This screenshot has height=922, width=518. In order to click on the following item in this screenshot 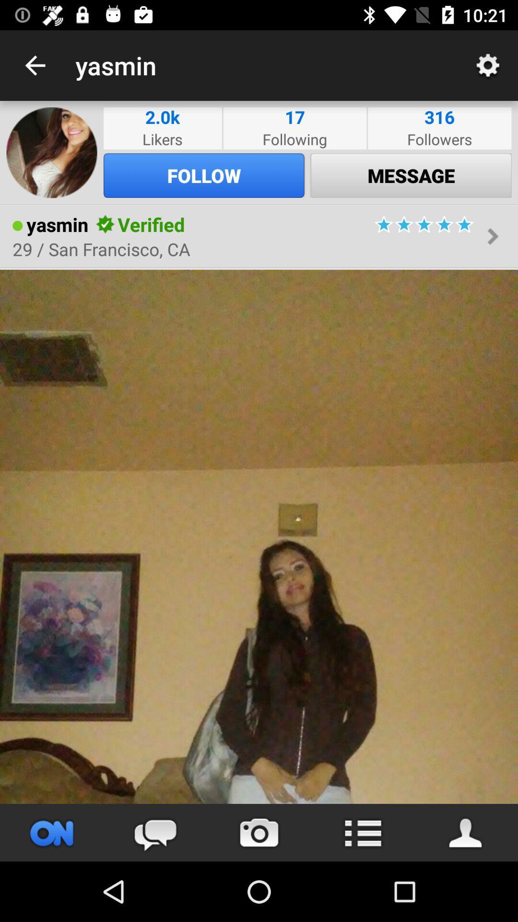, I will do `click(294, 138)`.